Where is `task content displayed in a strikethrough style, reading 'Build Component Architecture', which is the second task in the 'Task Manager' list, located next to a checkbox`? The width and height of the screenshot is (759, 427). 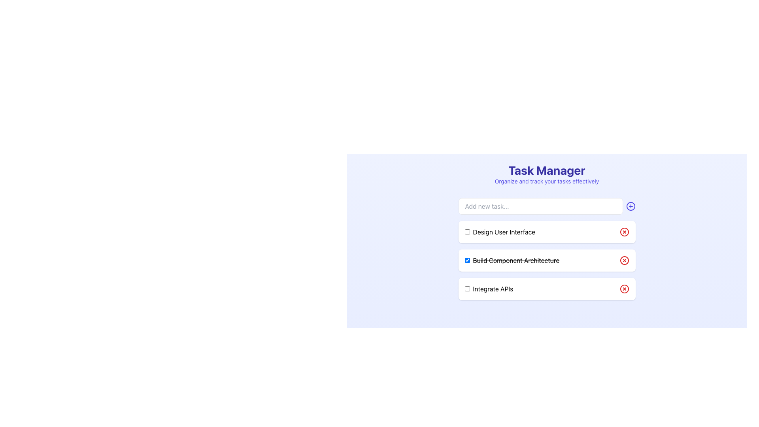 task content displayed in a strikethrough style, reading 'Build Component Architecture', which is the second task in the 'Task Manager' list, located next to a checkbox is located at coordinates (516, 261).